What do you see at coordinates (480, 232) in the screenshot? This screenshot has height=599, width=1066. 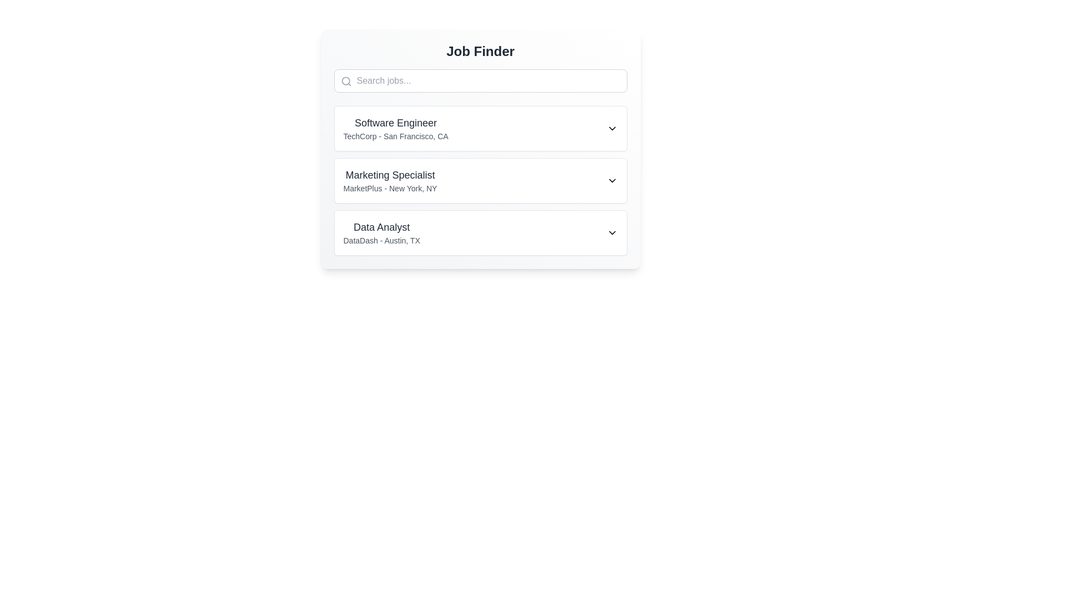 I see `the job listing entry for the 'Data Analyst' position offered by 'DataDash' in Austin, TX` at bounding box center [480, 232].